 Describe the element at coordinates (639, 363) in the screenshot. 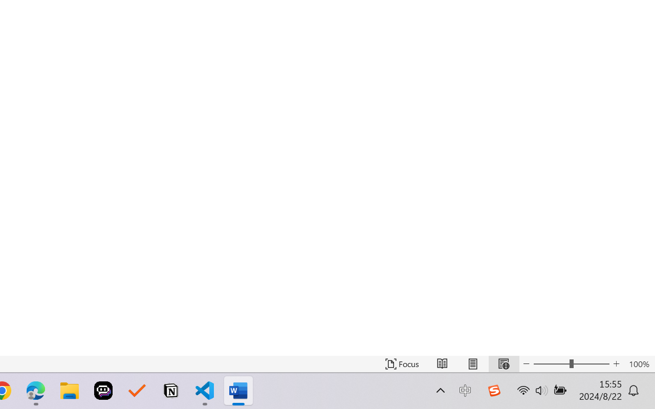

I see `'Zoom 100%'` at that location.